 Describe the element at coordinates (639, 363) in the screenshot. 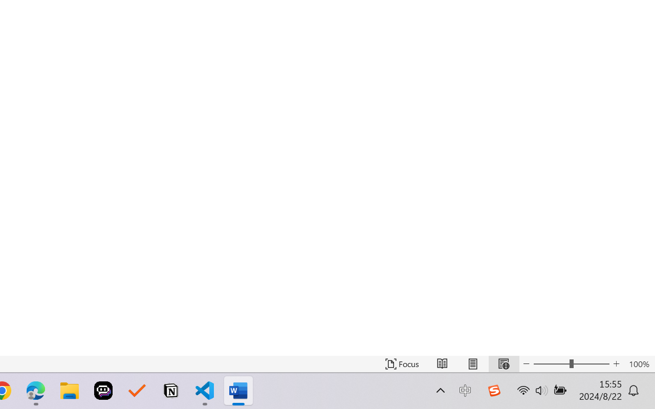

I see `'Zoom 100%'` at that location.